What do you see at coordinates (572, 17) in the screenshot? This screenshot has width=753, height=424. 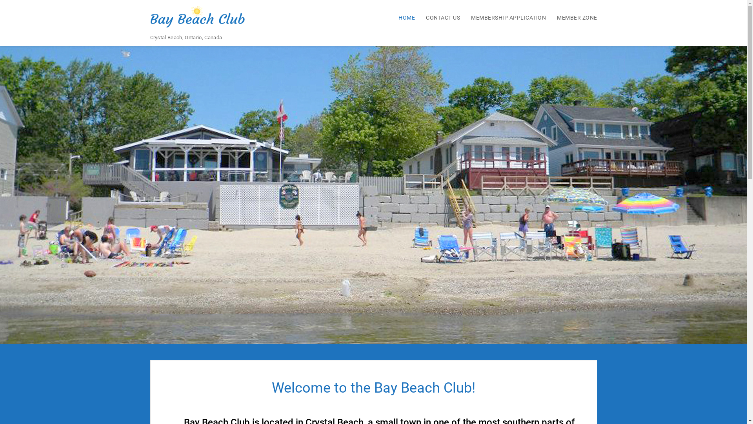 I see `'MEMBER ZONE'` at bounding box center [572, 17].